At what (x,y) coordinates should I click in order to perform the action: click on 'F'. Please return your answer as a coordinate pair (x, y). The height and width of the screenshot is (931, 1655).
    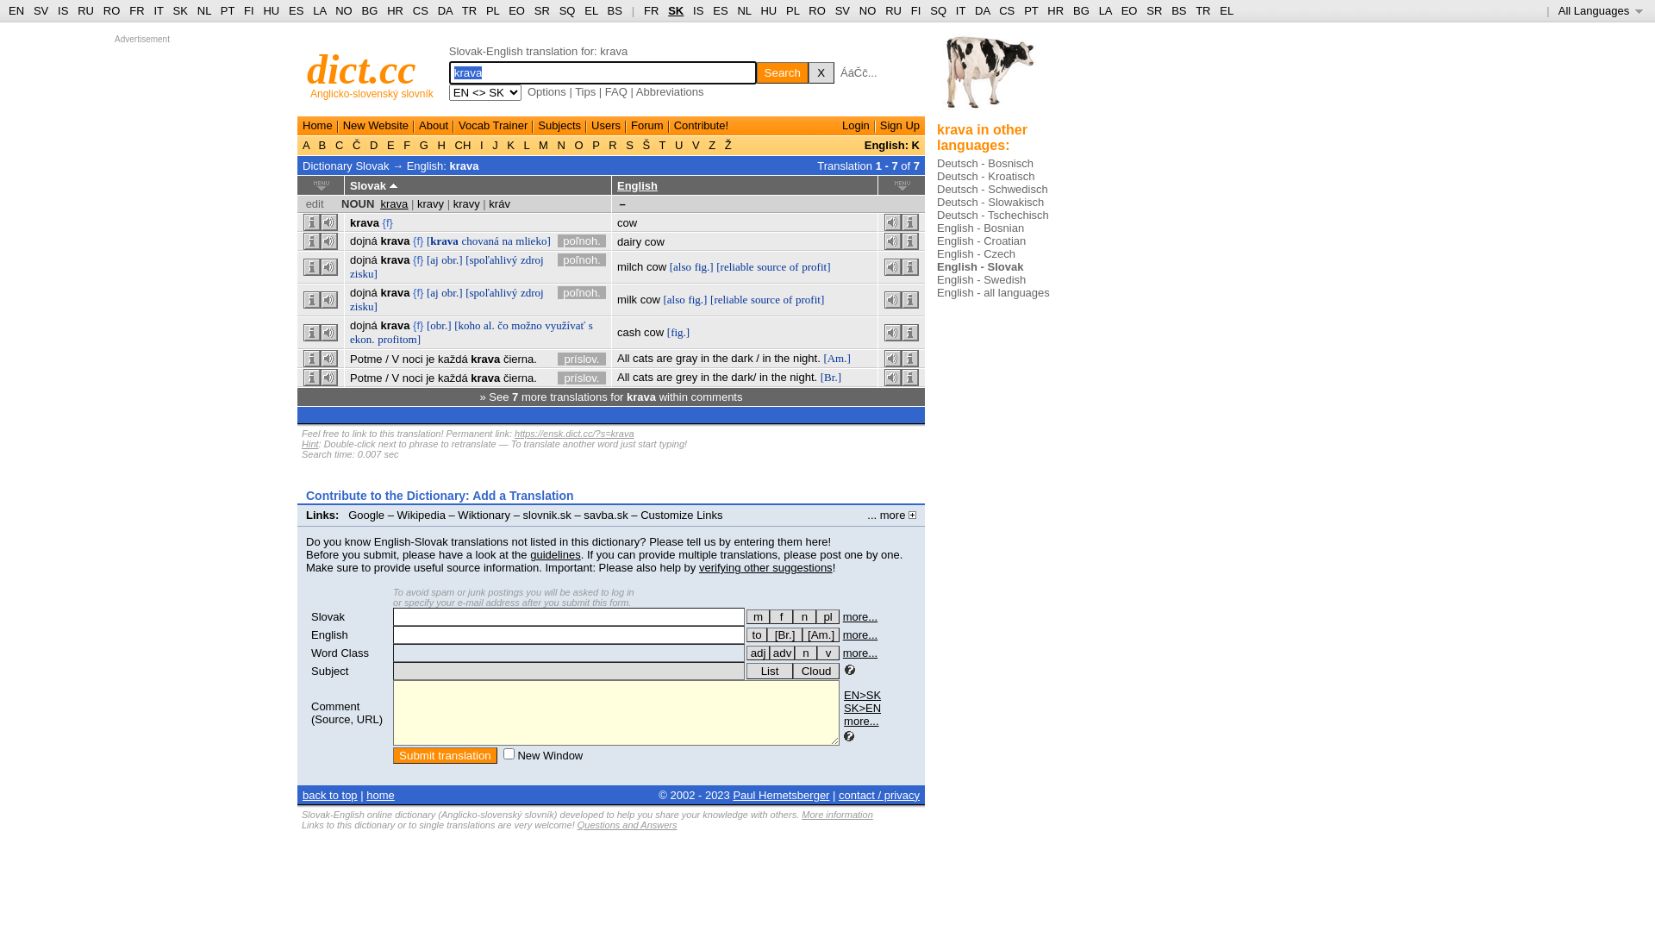
    Looking at the image, I should click on (406, 144).